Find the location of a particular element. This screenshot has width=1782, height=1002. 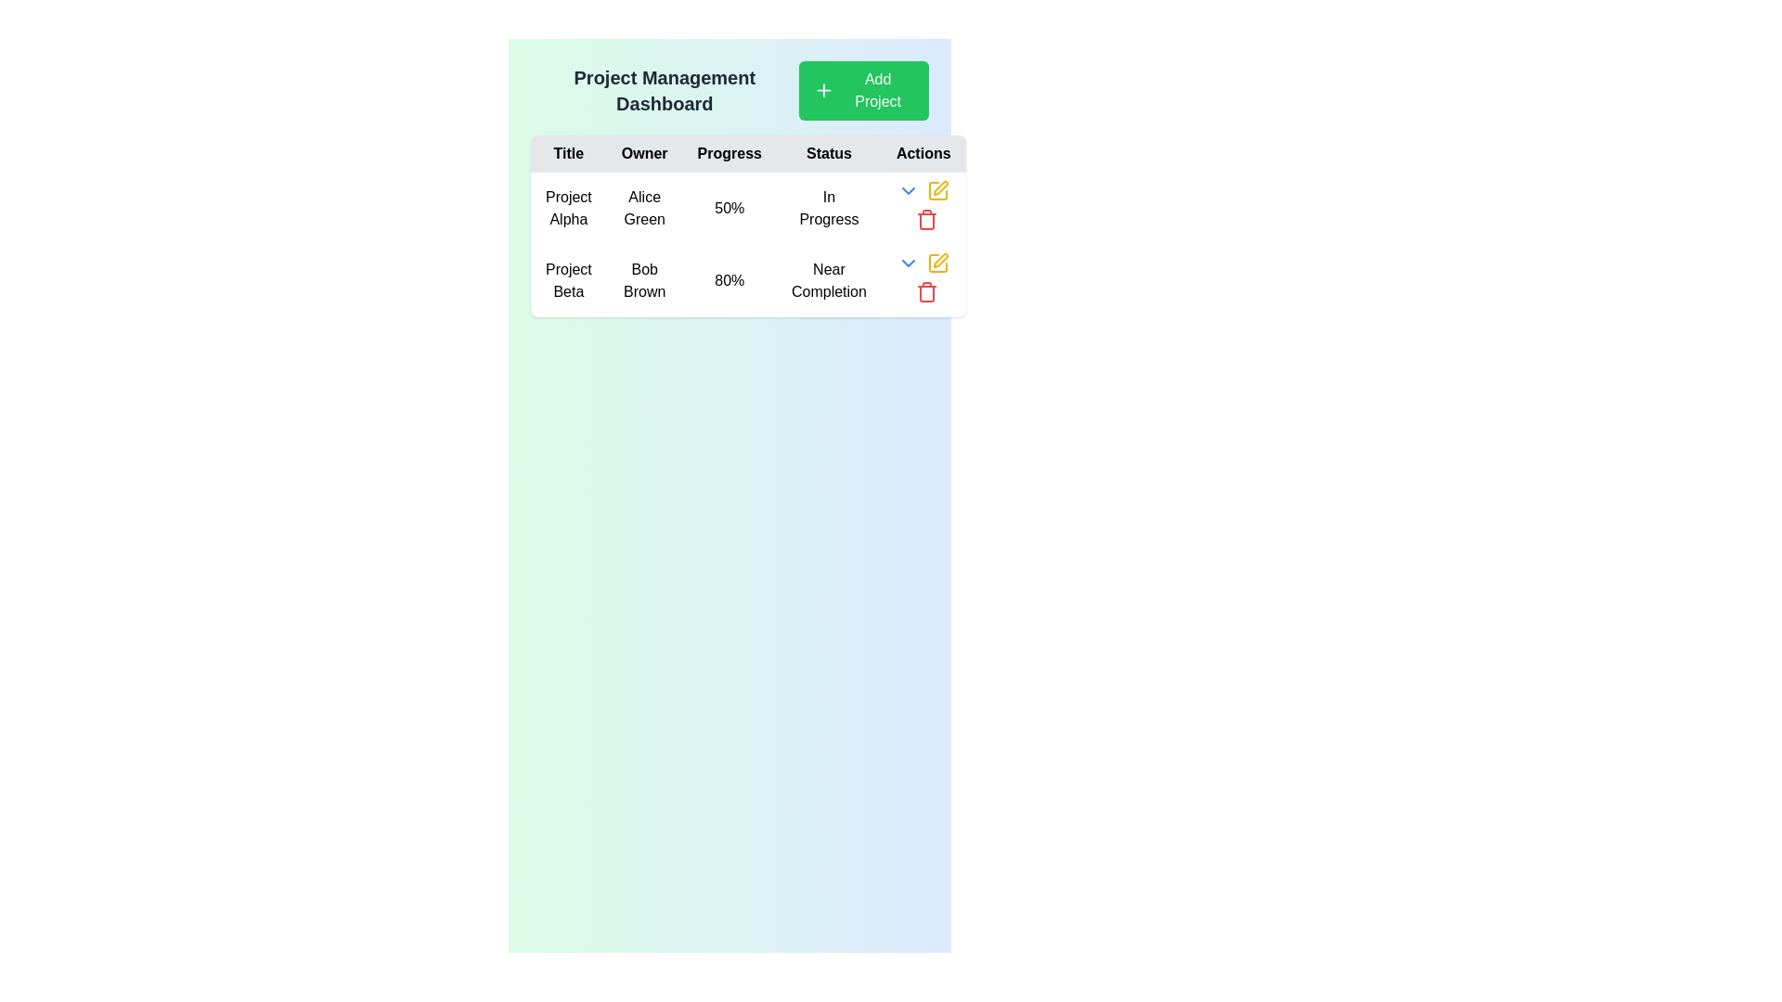

the Text element displaying the project owner's name 'Bob Brown' within the table cell in the second row and second column under the 'Owner' title is located at coordinates (644, 281).